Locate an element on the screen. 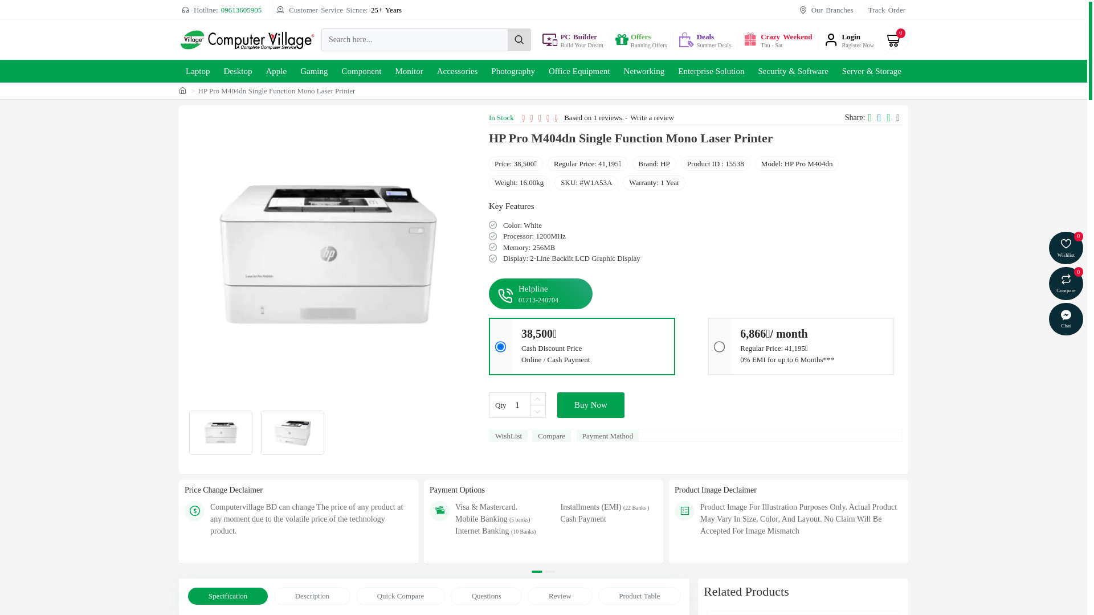 This screenshot has height=615, width=1094. 'Gaming' is located at coordinates (293, 71).